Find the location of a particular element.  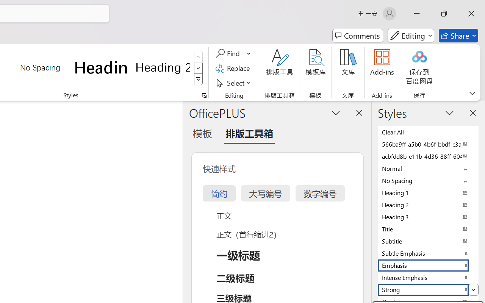

'Class: NetUIImage' is located at coordinates (199, 80).